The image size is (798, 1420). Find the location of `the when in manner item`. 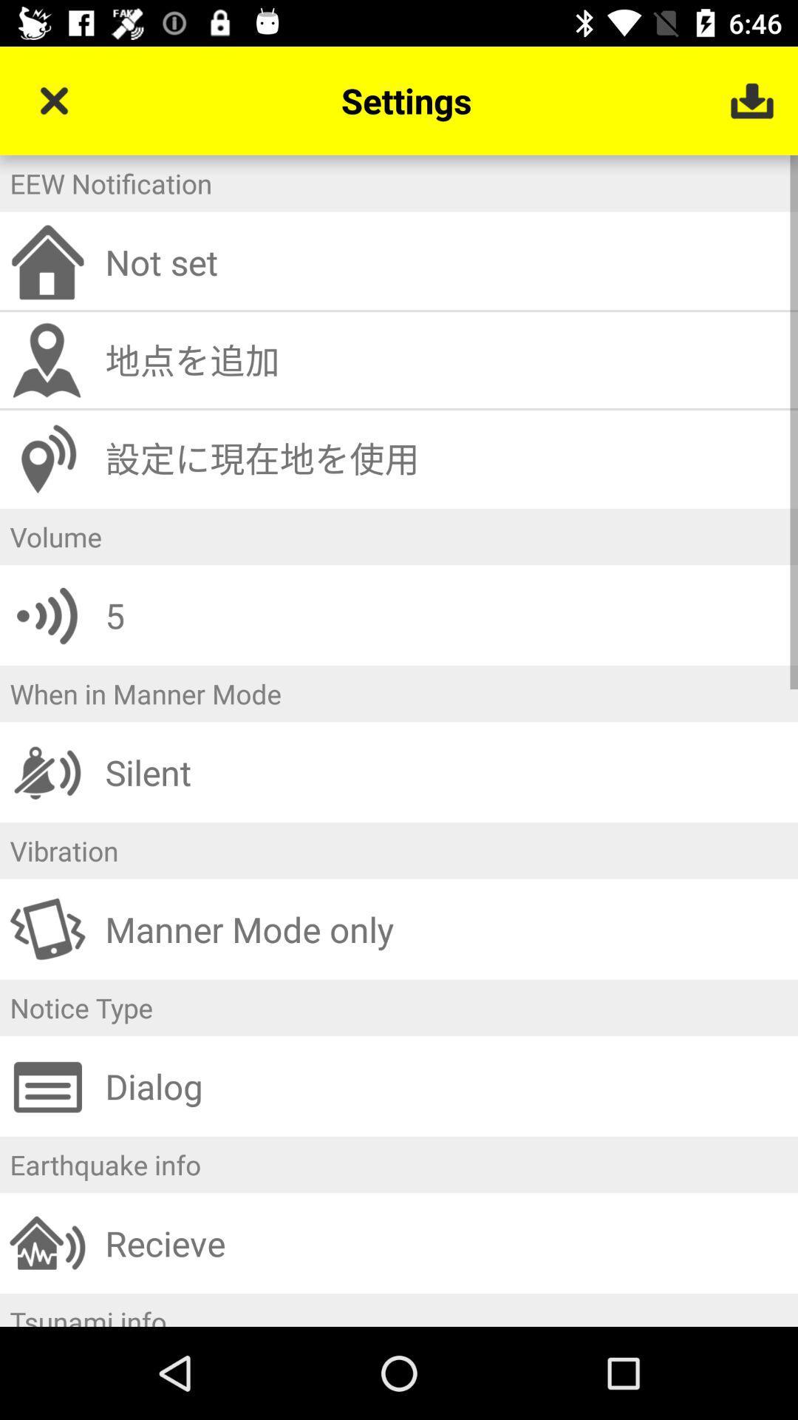

the when in manner item is located at coordinates (399, 693).